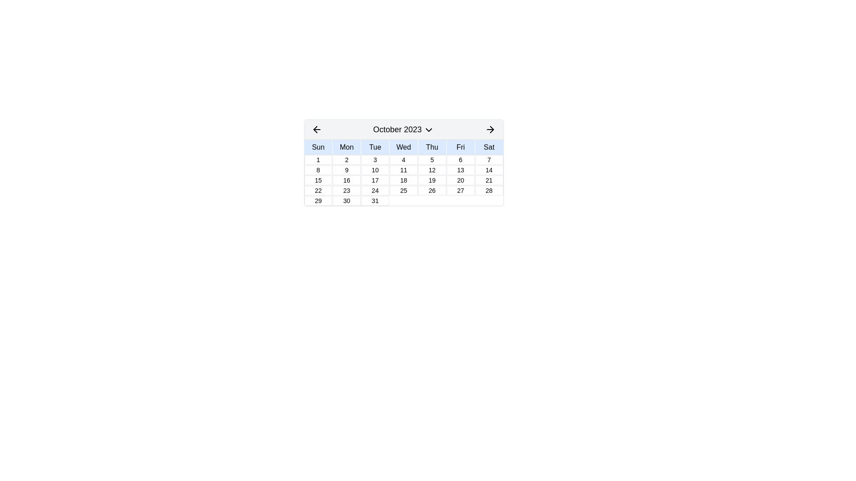 This screenshot has width=856, height=481. What do you see at coordinates (346, 180) in the screenshot?
I see `the Calendar Day Cell representing the date '16' under the 'Mon' column` at bounding box center [346, 180].